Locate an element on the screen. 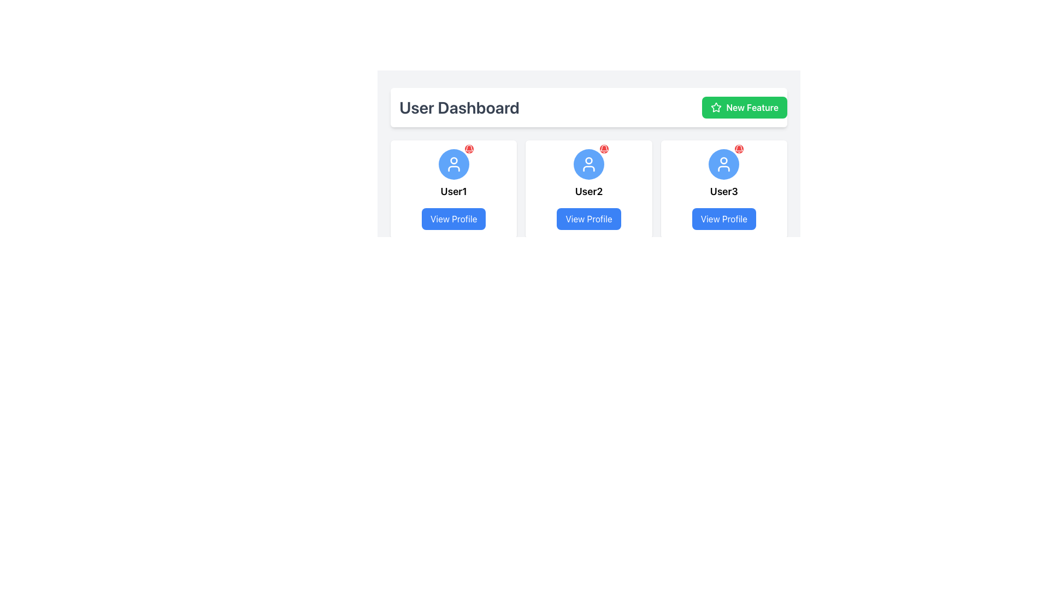  the 'View Profile' button located at the bottom section of the card for 'User2', which has a blue background and white text is located at coordinates (588, 219).